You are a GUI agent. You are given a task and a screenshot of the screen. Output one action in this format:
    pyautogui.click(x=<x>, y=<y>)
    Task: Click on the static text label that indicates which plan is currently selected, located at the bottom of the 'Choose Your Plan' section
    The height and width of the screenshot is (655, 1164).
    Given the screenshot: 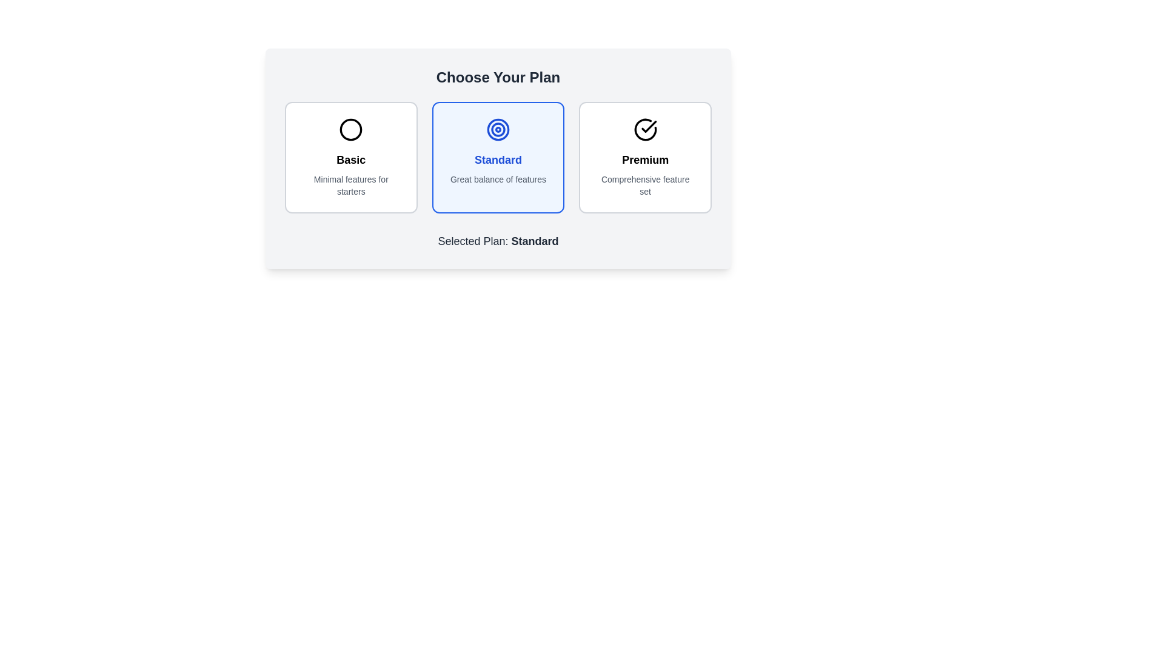 What is the action you would take?
    pyautogui.click(x=498, y=241)
    